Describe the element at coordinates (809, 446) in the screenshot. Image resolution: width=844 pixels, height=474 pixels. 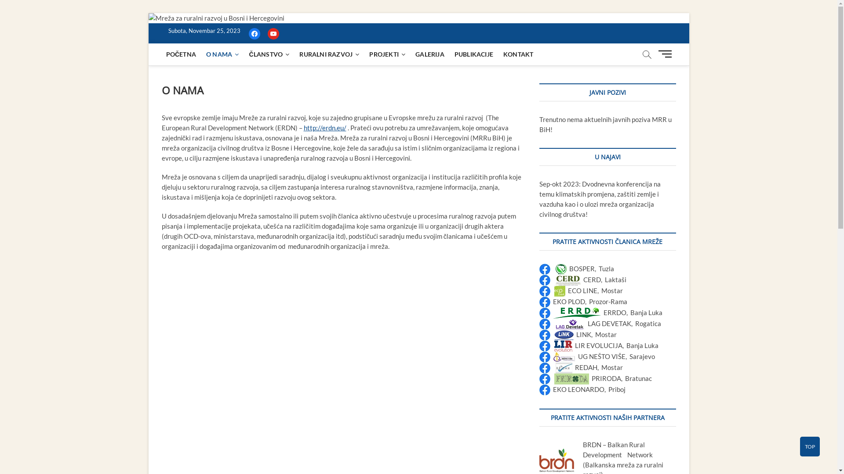
I see `'TOP'` at that location.